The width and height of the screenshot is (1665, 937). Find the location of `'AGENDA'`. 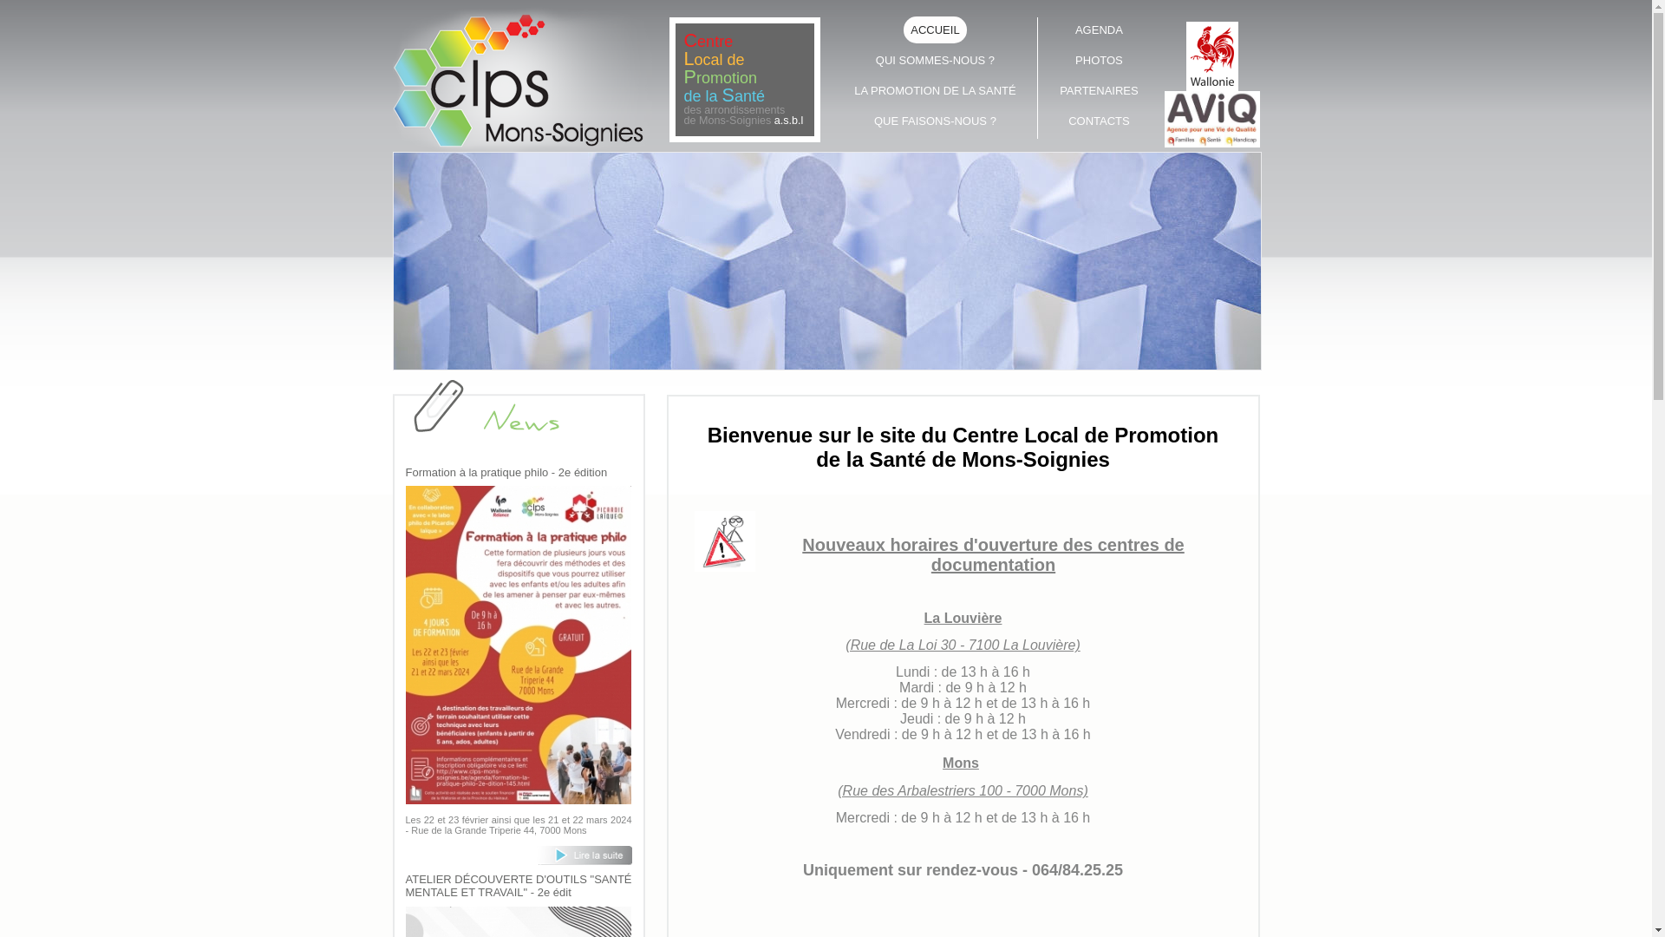

'AGENDA' is located at coordinates (1049, 29).